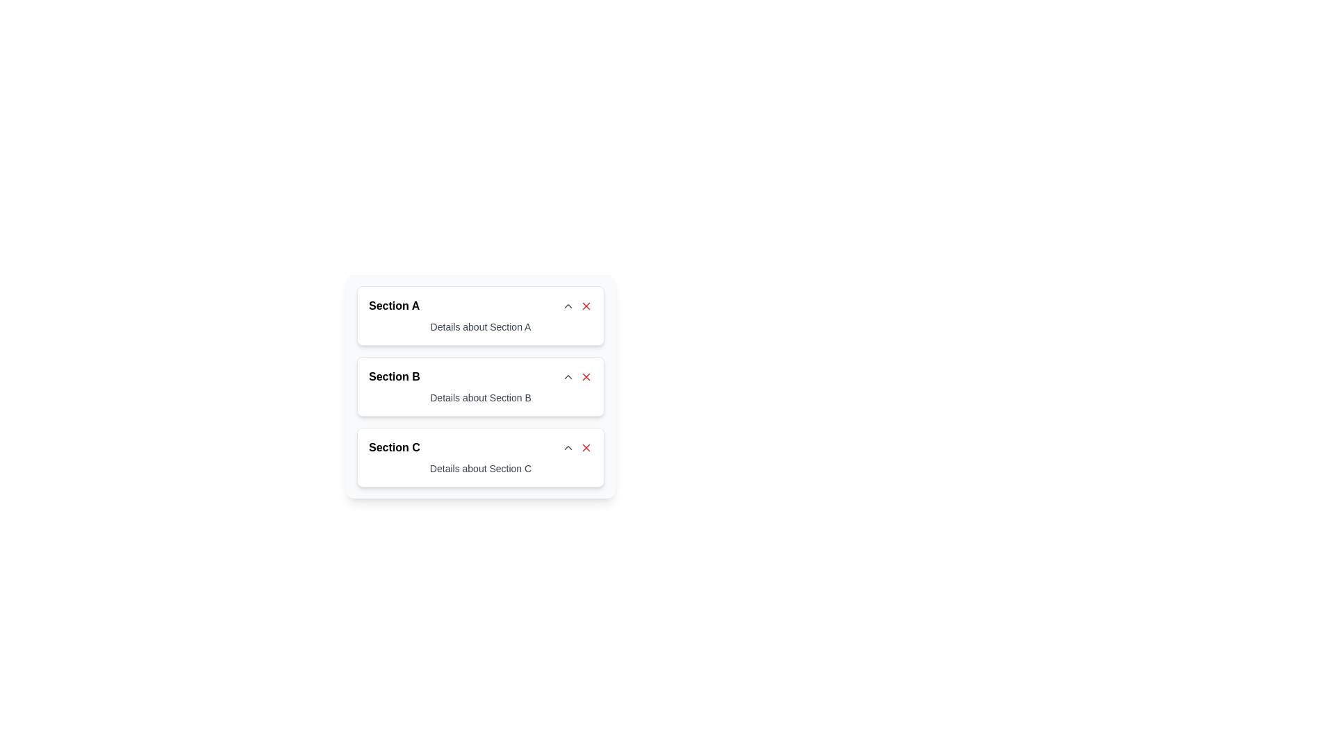  I want to click on the upper-left to lower-right diagonal line of the cross icon, which is part of the SVG graphic located in the top-right corner of the card labeled 'Section A', so click(586, 305).